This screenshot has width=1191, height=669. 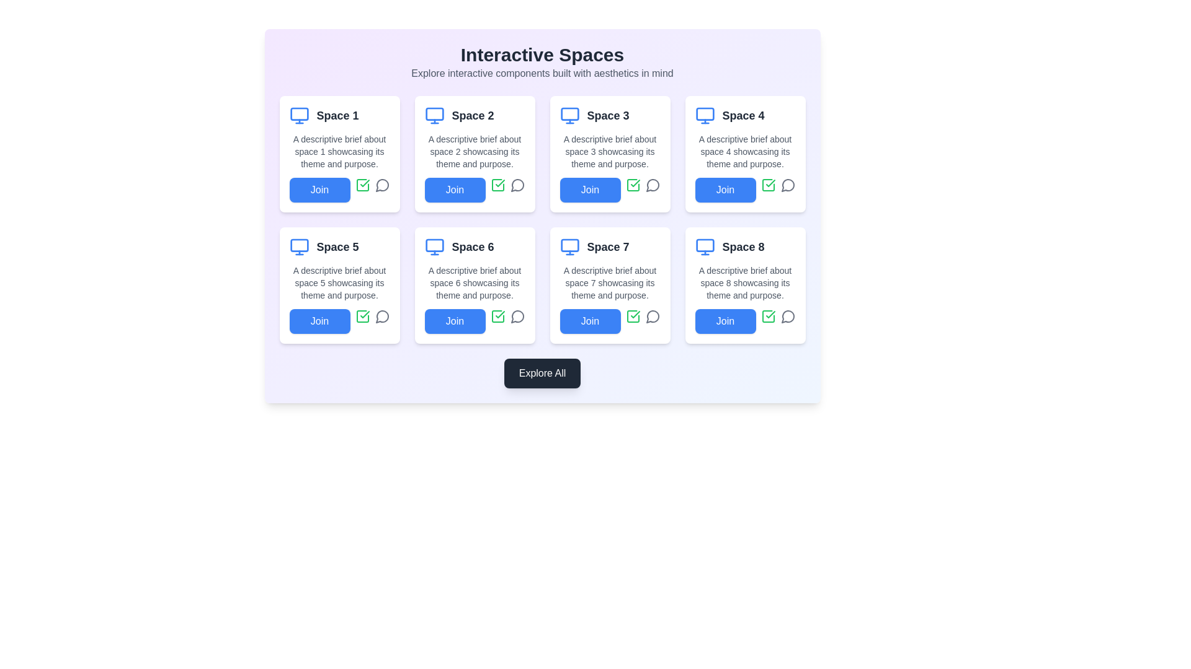 What do you see at coordinates (434, 115) in the screenshot?
I see `the monitor icon located to the left of the text label 'Space 2', which serves as a decorative representation of the associated content` at bounding box center [434, 115].